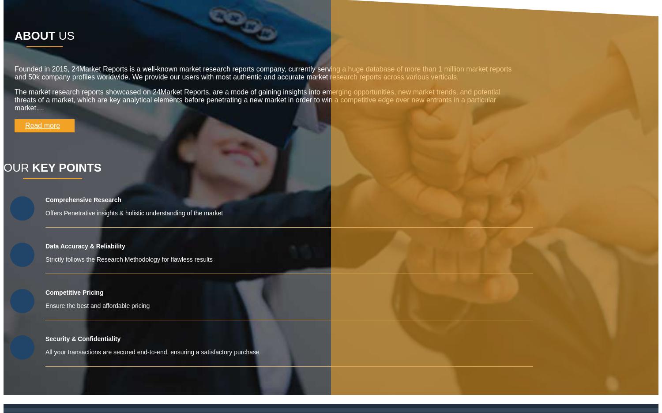  Describe the element at coordinates (129, 259) in the screenshot. I see `'Strictly follows the Research Methodology for flawless results'` at that location.